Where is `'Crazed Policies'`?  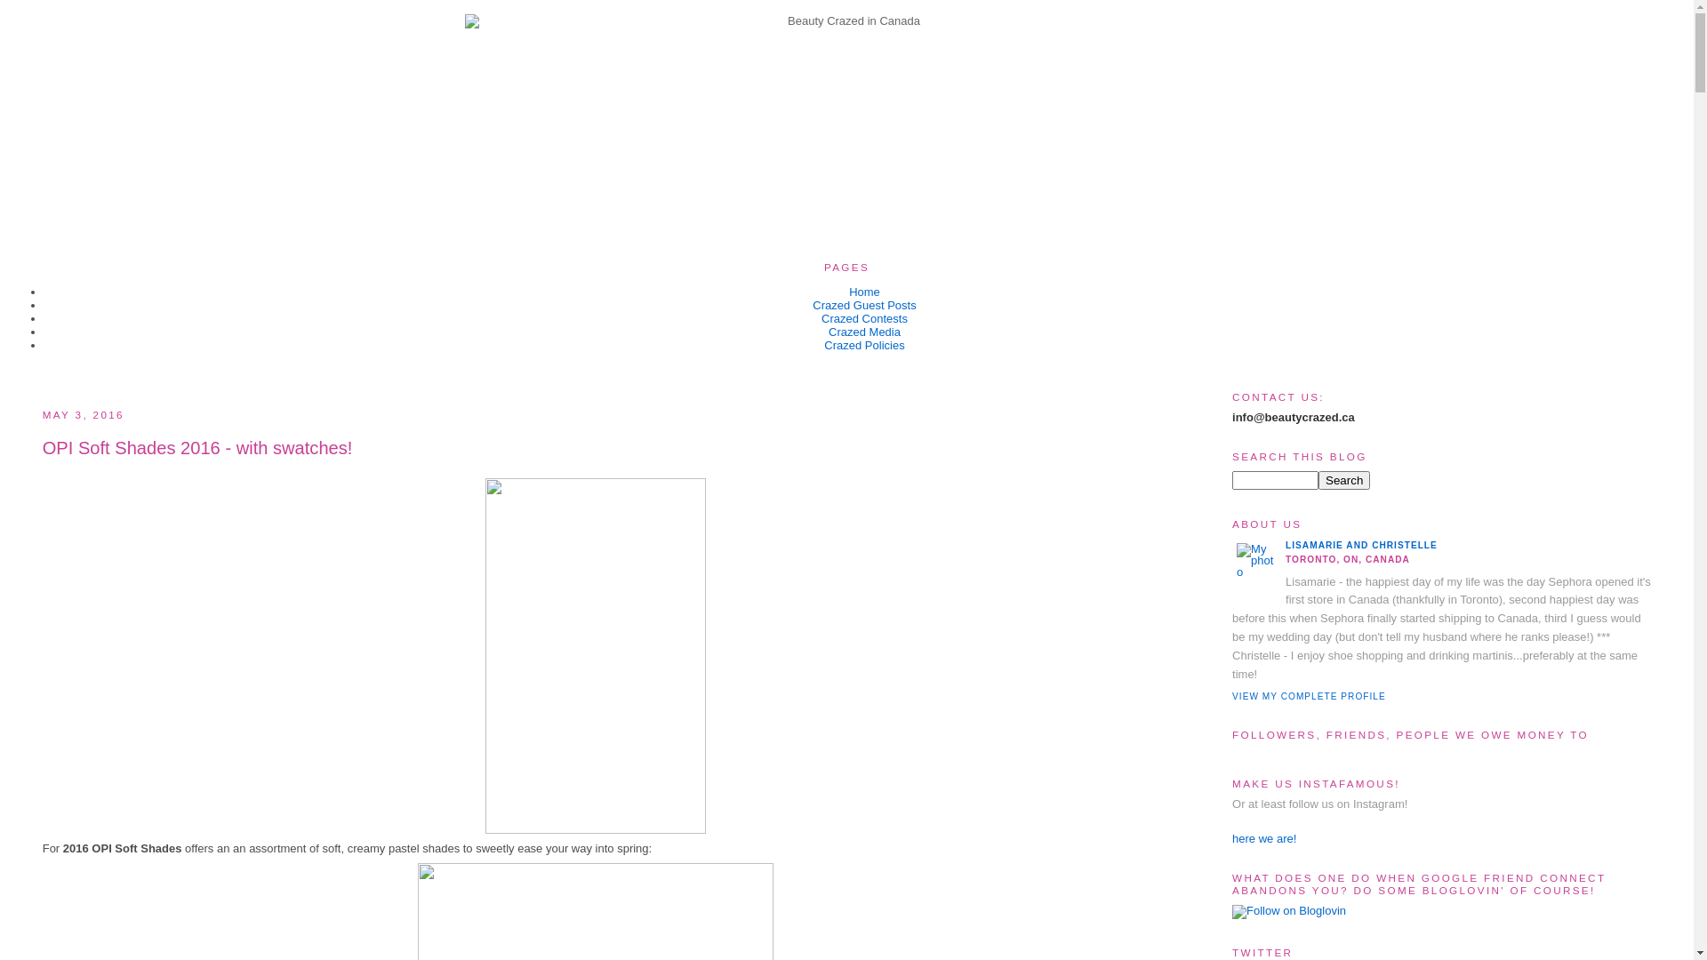
'Crazed Policies' is located at coordinates (863, 345).